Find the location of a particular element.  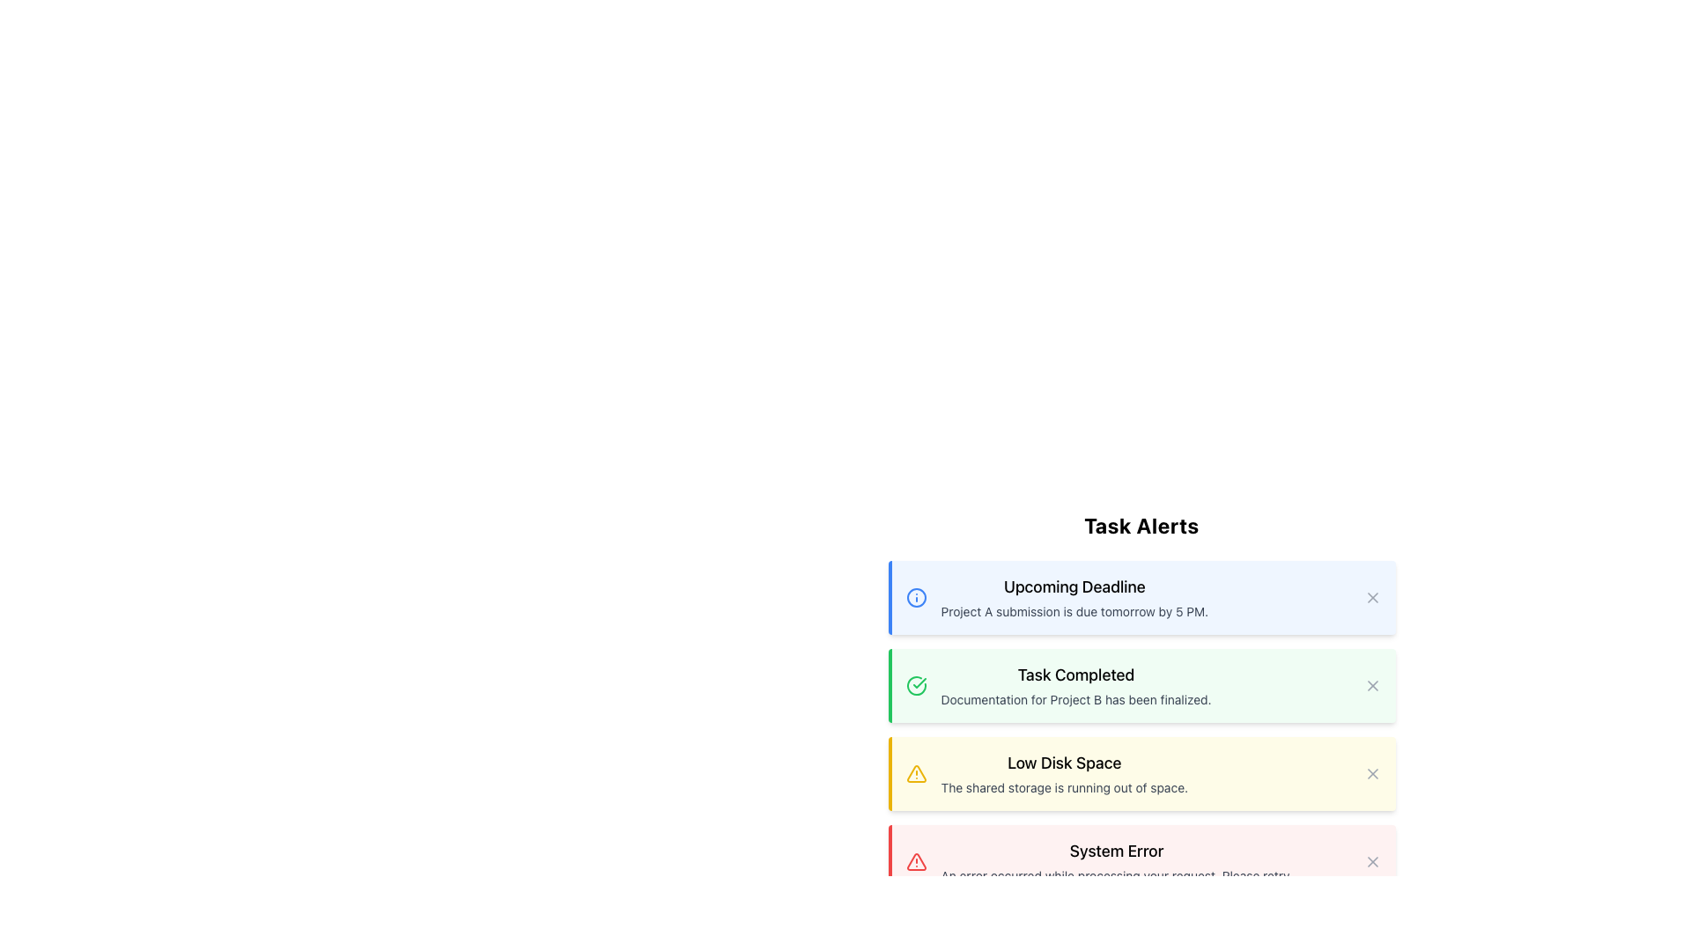

the graphical icon part of the 'System Error' button located at the bottom of the 'Task Alerts' group is located at coordinates (1371, 861).